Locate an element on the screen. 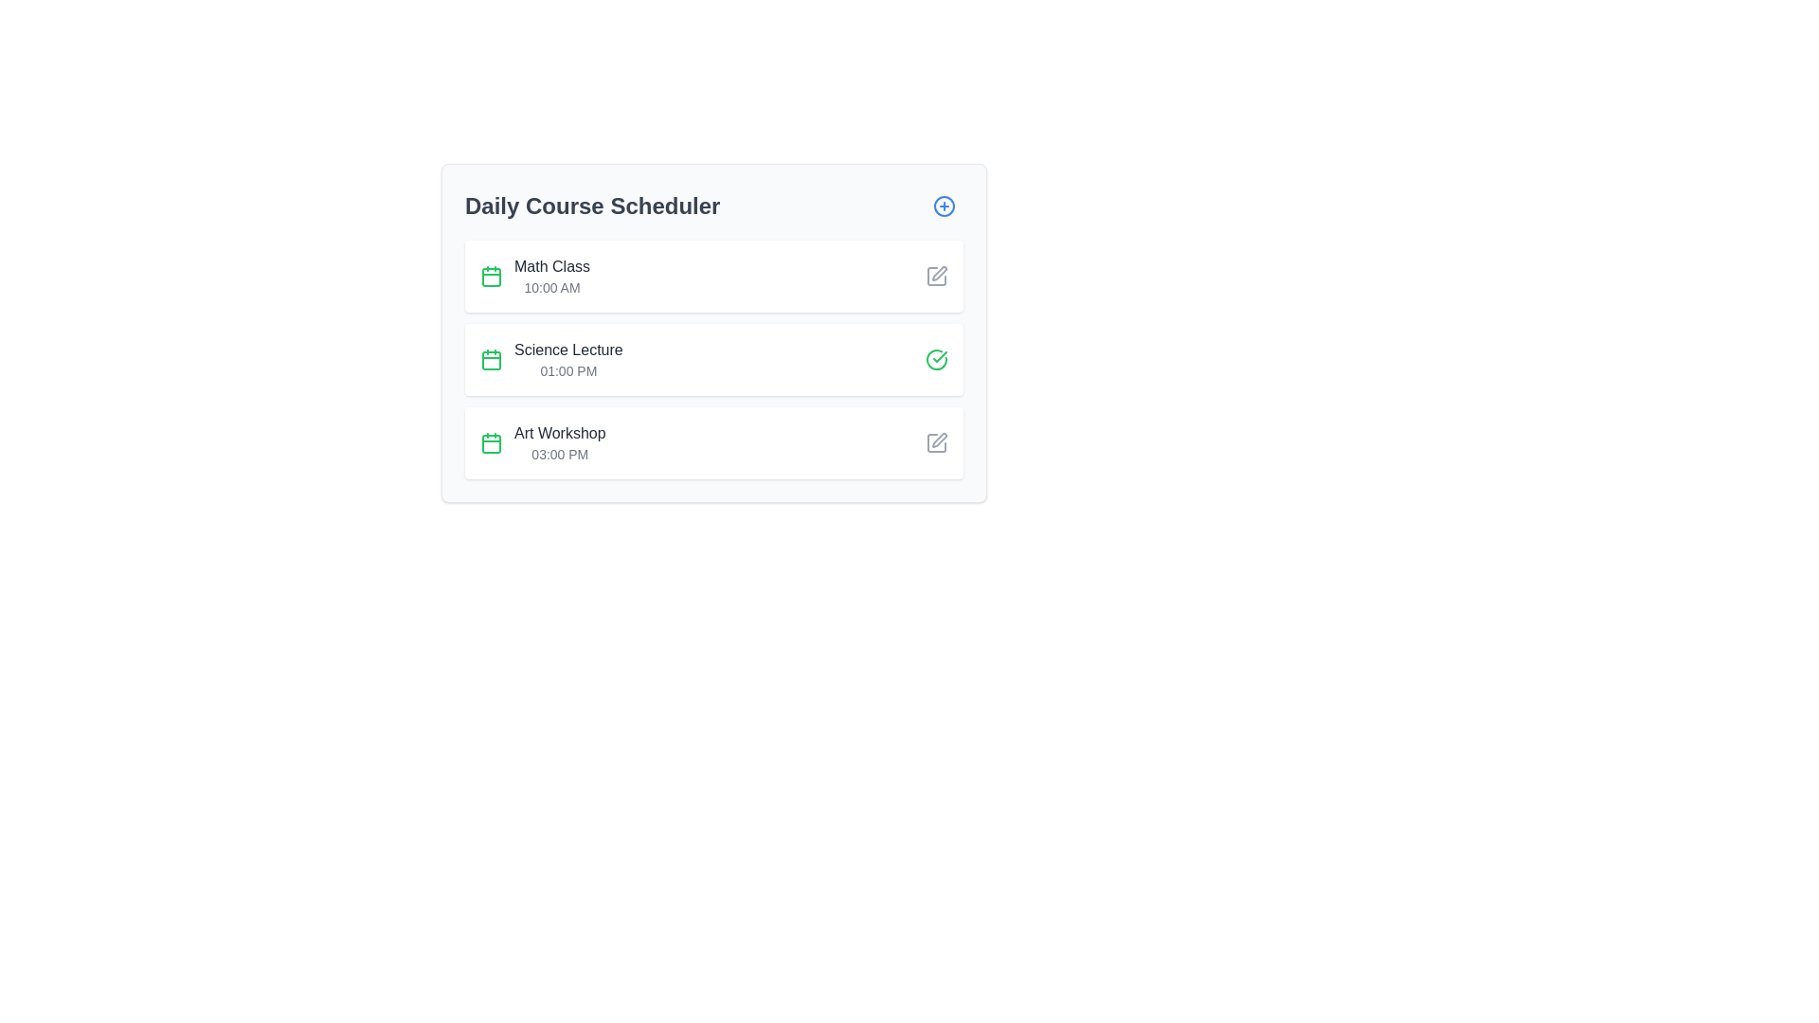 This screenshot has width=1819, height=1023. the schedule entry row for the 'Art Workshop' at 03:00 PM, which is the third entry in the 'Daily Course Scheduler' list is located at coordinates (542, 442).